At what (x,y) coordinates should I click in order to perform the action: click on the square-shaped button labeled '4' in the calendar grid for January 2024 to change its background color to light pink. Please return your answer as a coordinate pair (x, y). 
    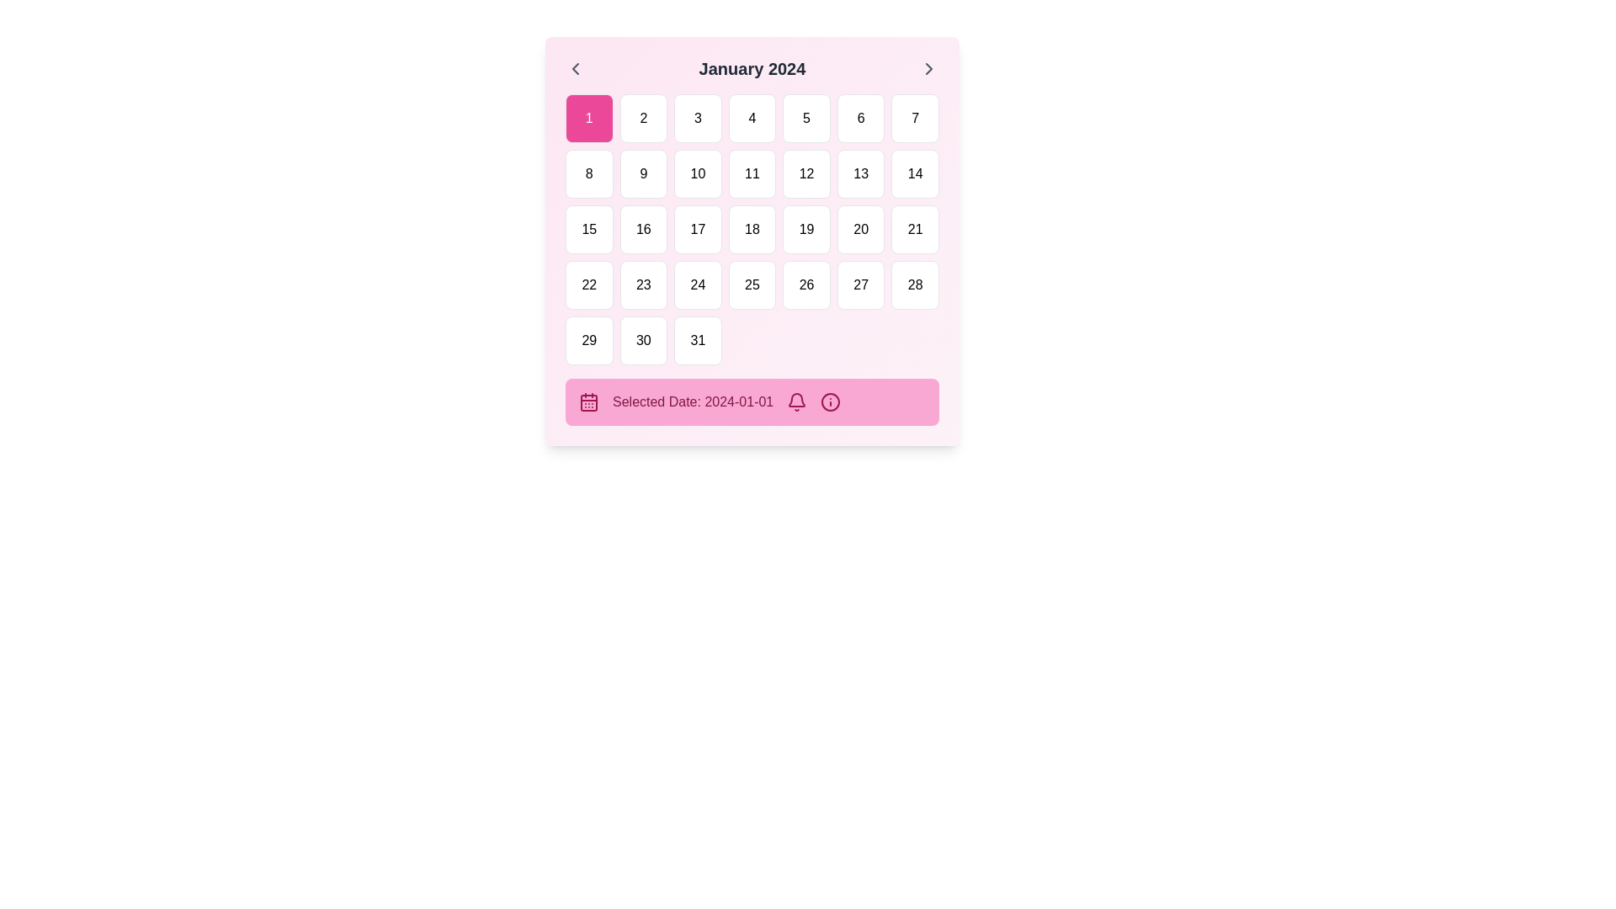
    Looking at the image, I should click on (751, 118).